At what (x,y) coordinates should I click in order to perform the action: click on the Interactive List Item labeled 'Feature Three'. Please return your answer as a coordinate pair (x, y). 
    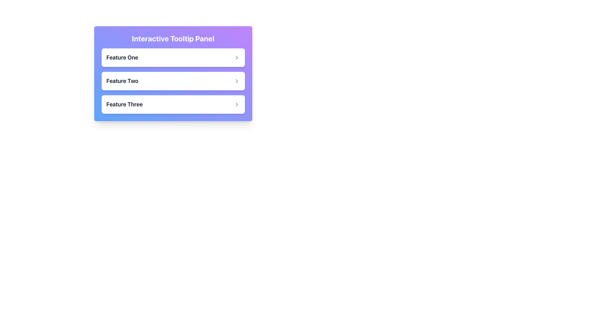
    Looking at the image, I should click on (173, 104).